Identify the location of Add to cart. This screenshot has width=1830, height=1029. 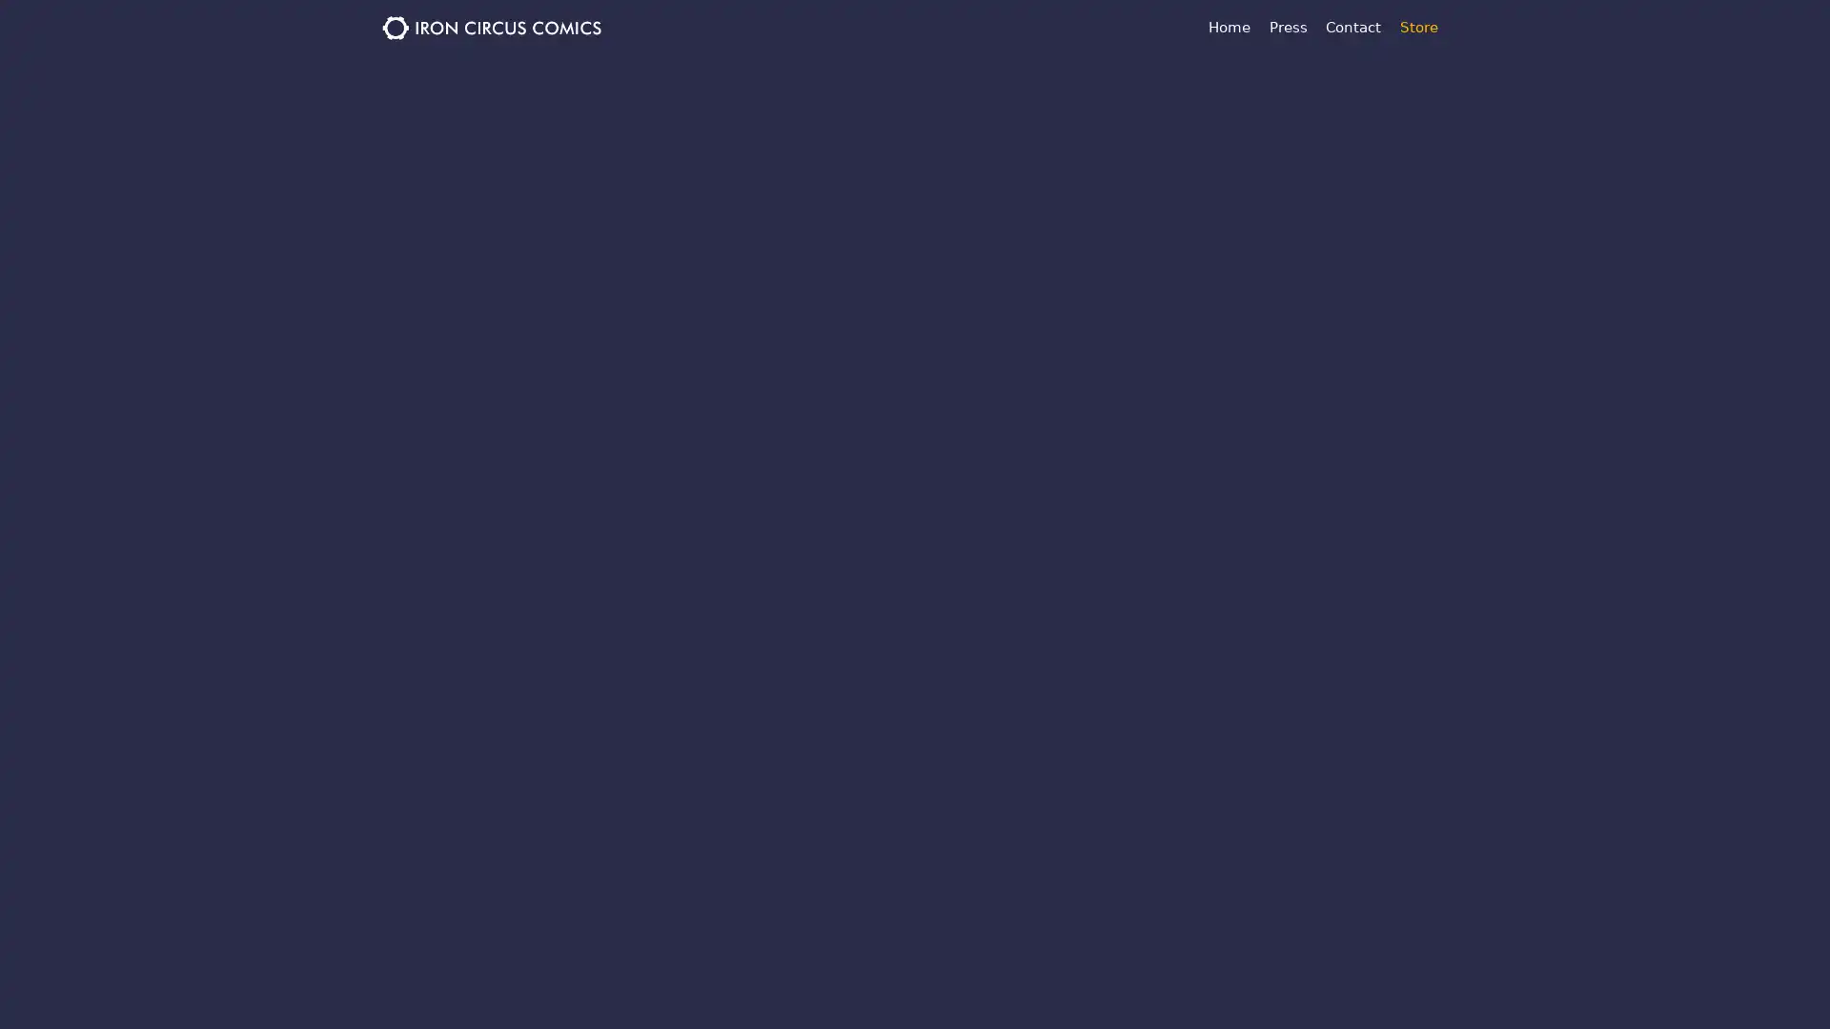
(855, 513).